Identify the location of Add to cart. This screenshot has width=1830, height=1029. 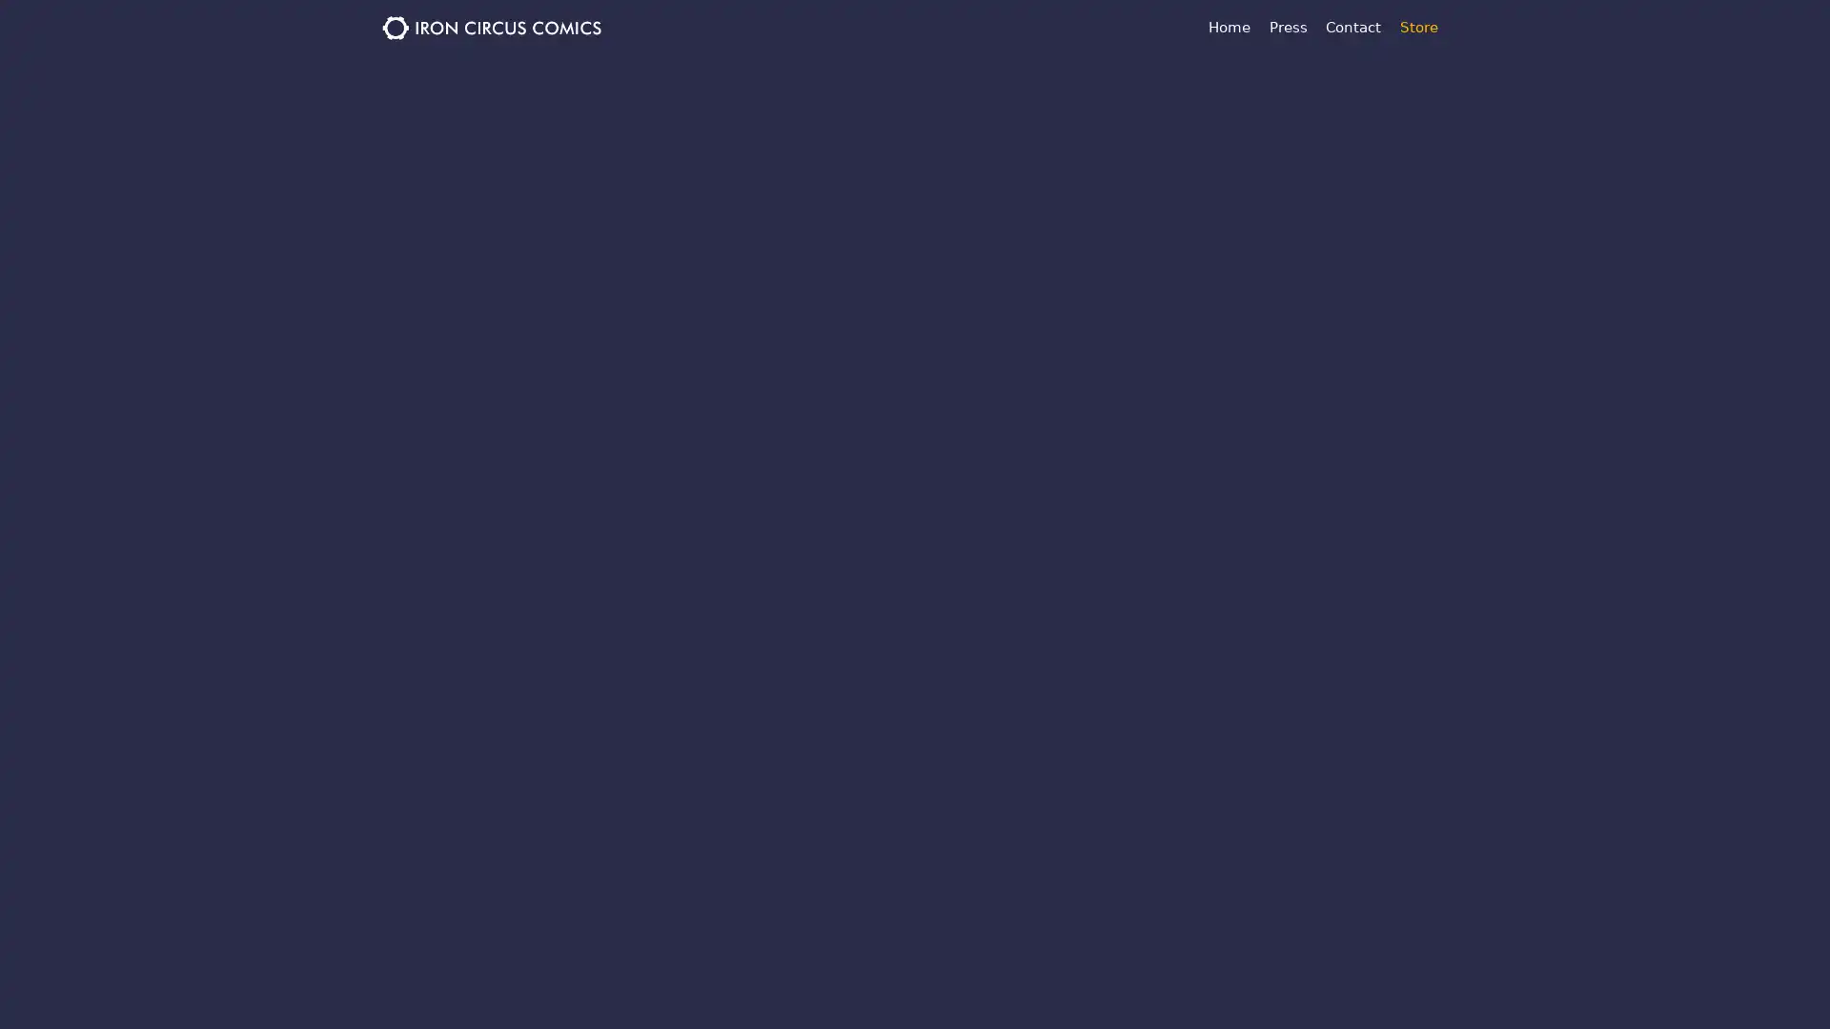
(855, 513).